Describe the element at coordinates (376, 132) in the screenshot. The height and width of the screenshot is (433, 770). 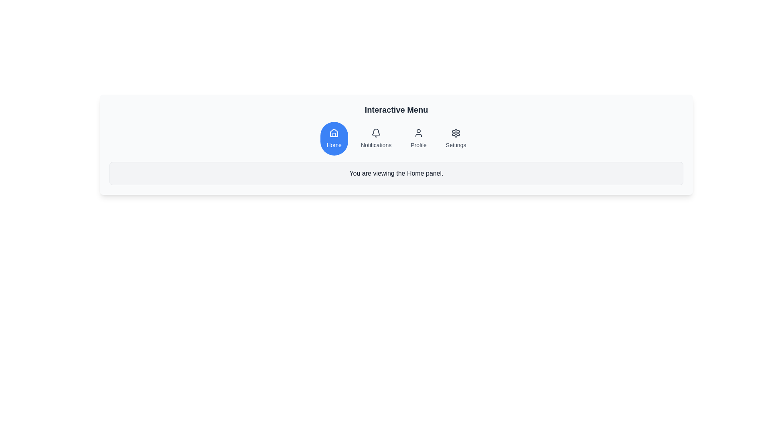
I see `the bell-shaped notification icon, which is the second icon in the navigation menu, designed as a simple outline, indicating the notification center` at that location.